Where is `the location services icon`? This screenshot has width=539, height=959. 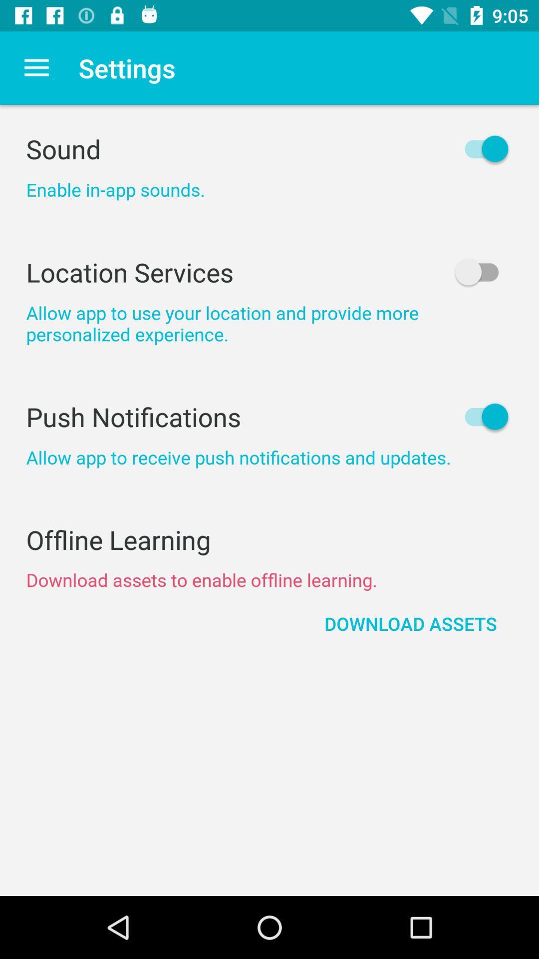
the location services icon is located at coordinates (269, 272).